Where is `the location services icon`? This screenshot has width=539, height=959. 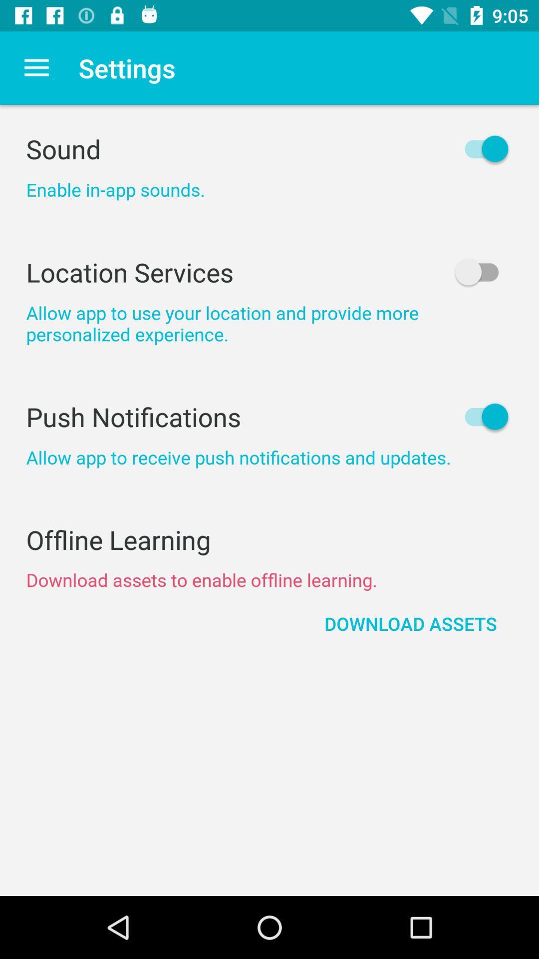
the location services icon is located at coordinates (269, 272).